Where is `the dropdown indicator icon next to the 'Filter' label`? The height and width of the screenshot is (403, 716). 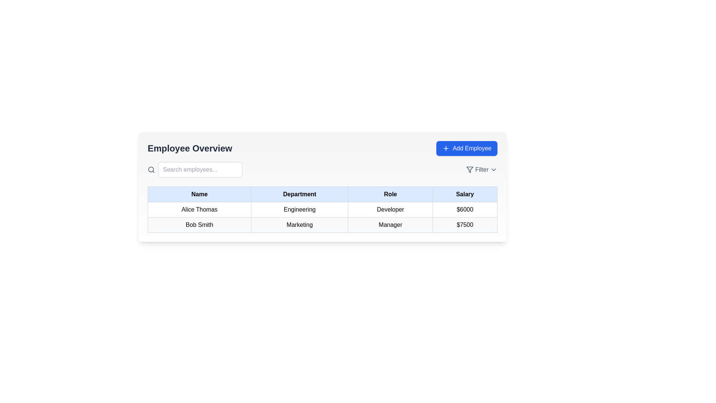 the dropdown indicator icon next to the 'Filter' label is located at coordinates (494, 170).